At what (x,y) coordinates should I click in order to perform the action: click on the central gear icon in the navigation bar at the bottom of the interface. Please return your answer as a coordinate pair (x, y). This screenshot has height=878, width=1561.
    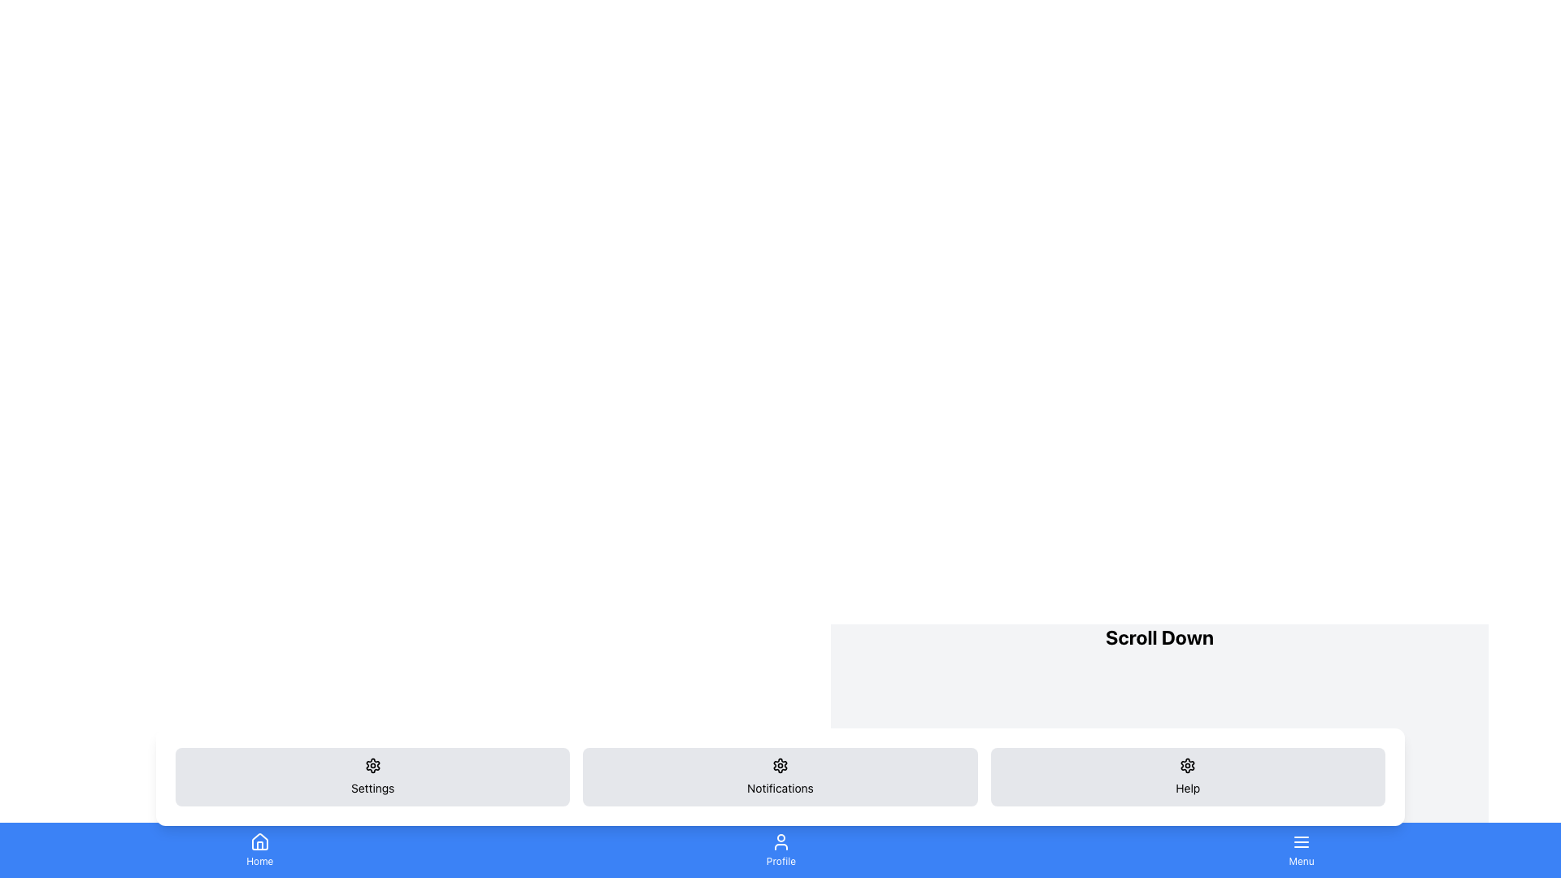
    Looking at the image, I should click on (780, 765).